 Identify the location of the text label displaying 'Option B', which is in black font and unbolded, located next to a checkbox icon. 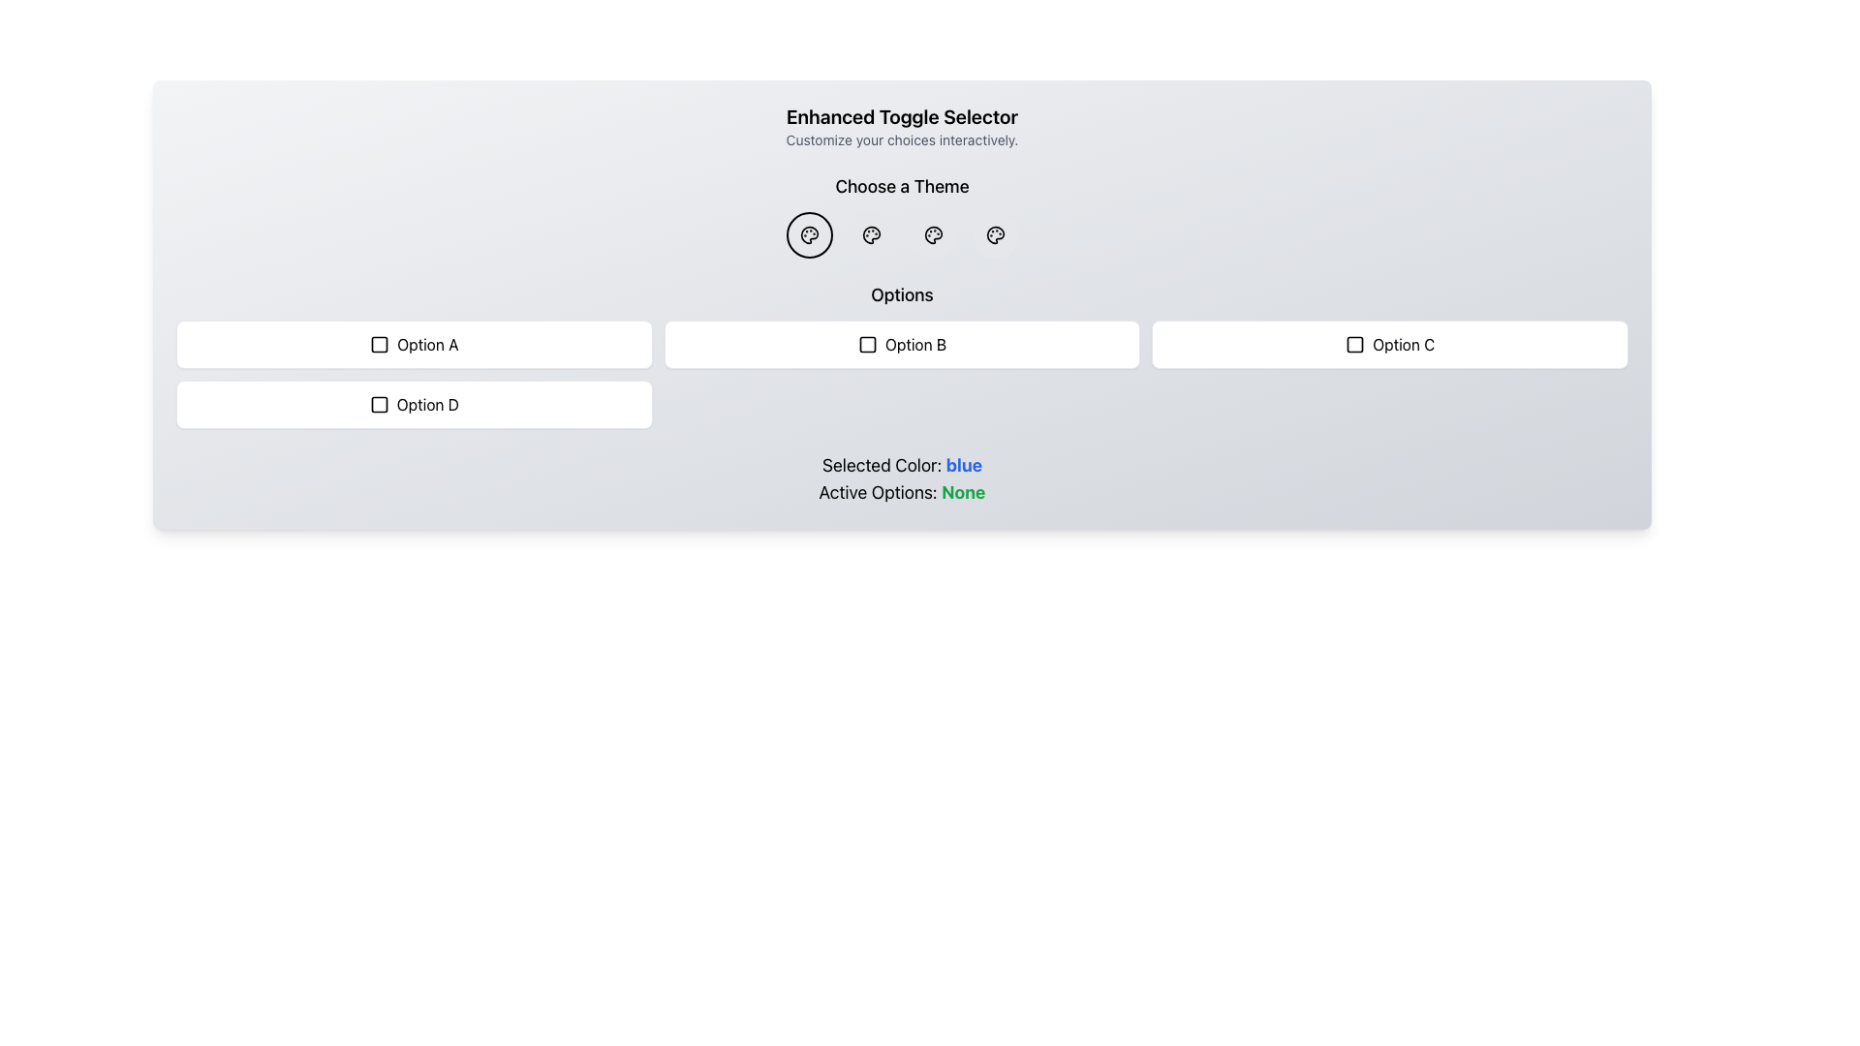
(914, 343).